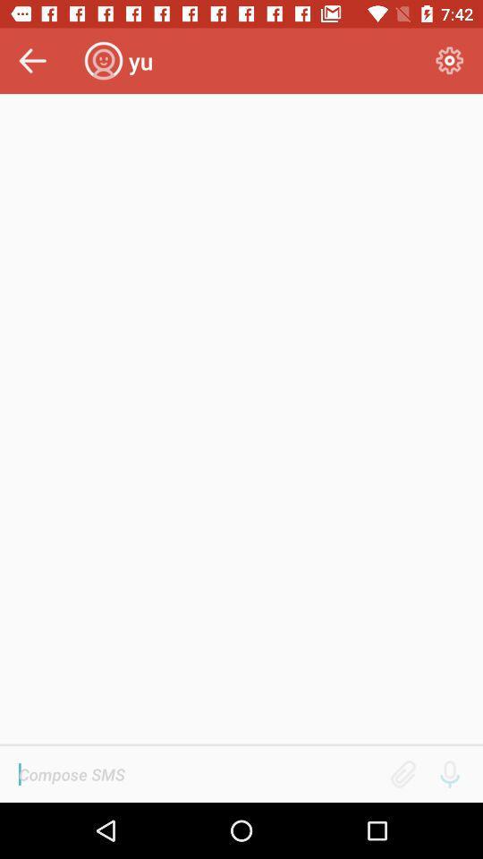  Describe the element at coordinates (449, 61) in the screenshot. I see `item to the right of the  yu` at that location.